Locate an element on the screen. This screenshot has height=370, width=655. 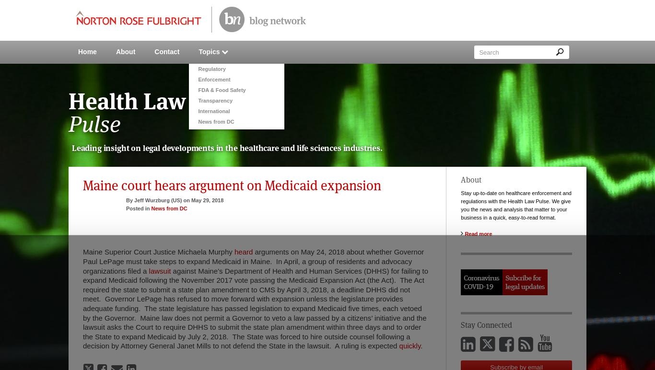
'Leading' is located at coordinates (86, 148).